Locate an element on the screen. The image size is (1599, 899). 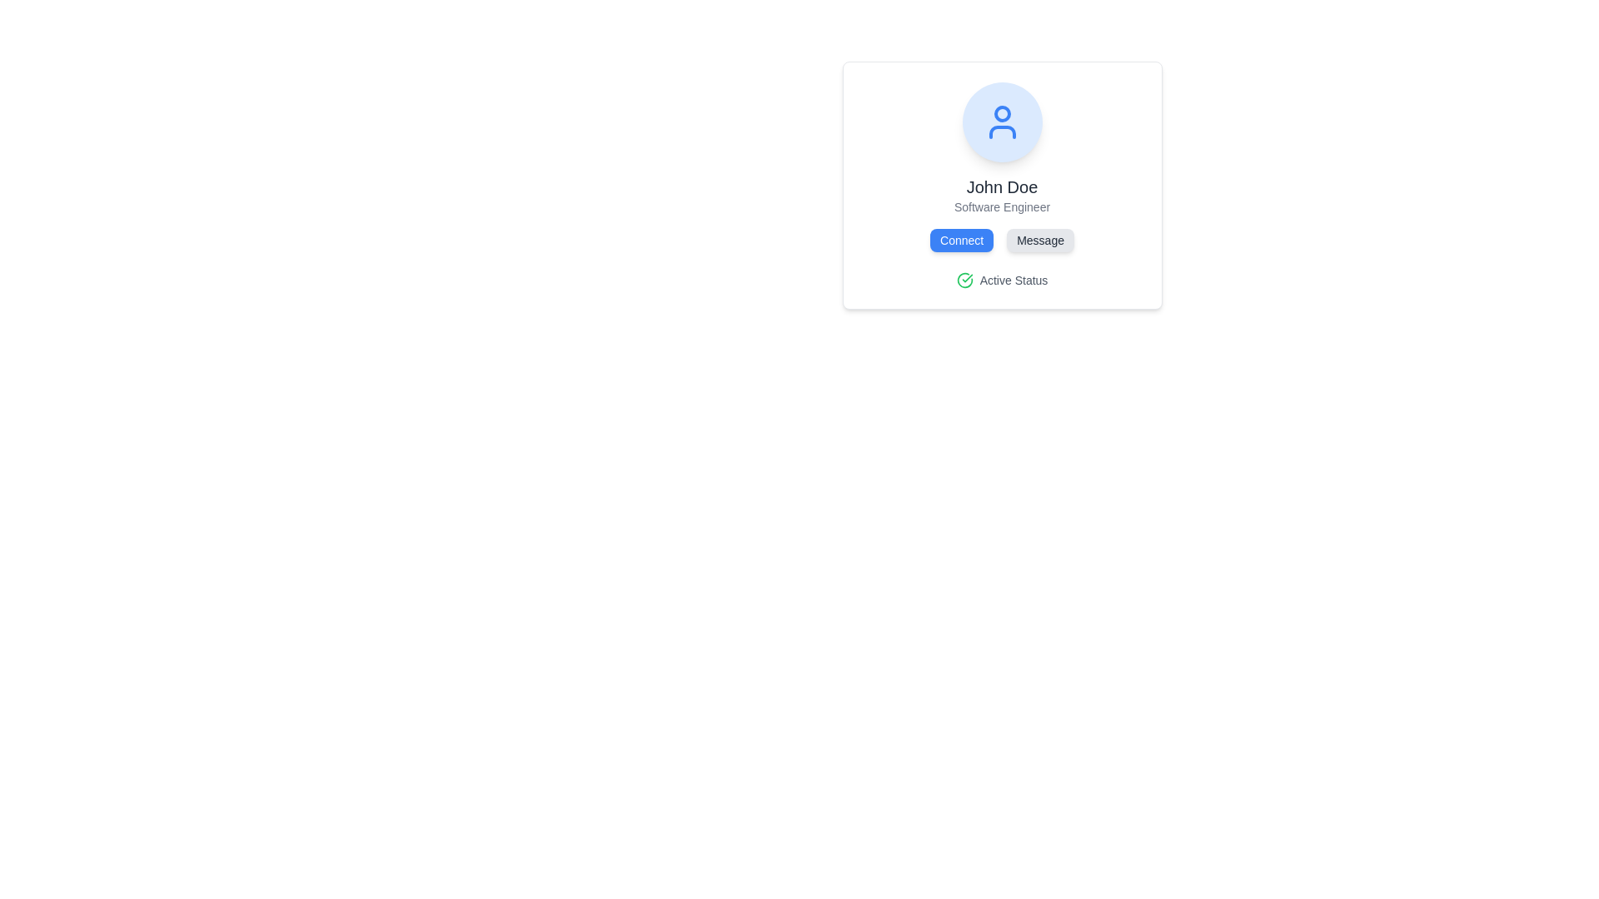
the rectangular button with rounded corners, bright blue background, and white text reading 'Connect' to initiate a connection action is located at coordinates (962, 241).